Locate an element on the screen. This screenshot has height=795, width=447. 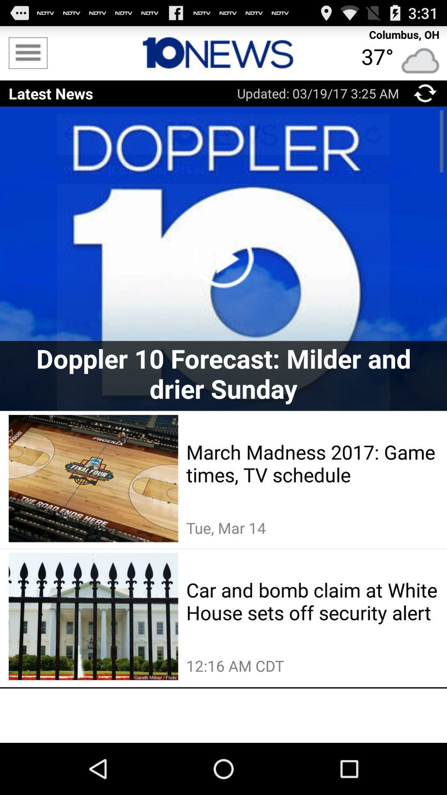
home page is located at coordinates (223, 53).